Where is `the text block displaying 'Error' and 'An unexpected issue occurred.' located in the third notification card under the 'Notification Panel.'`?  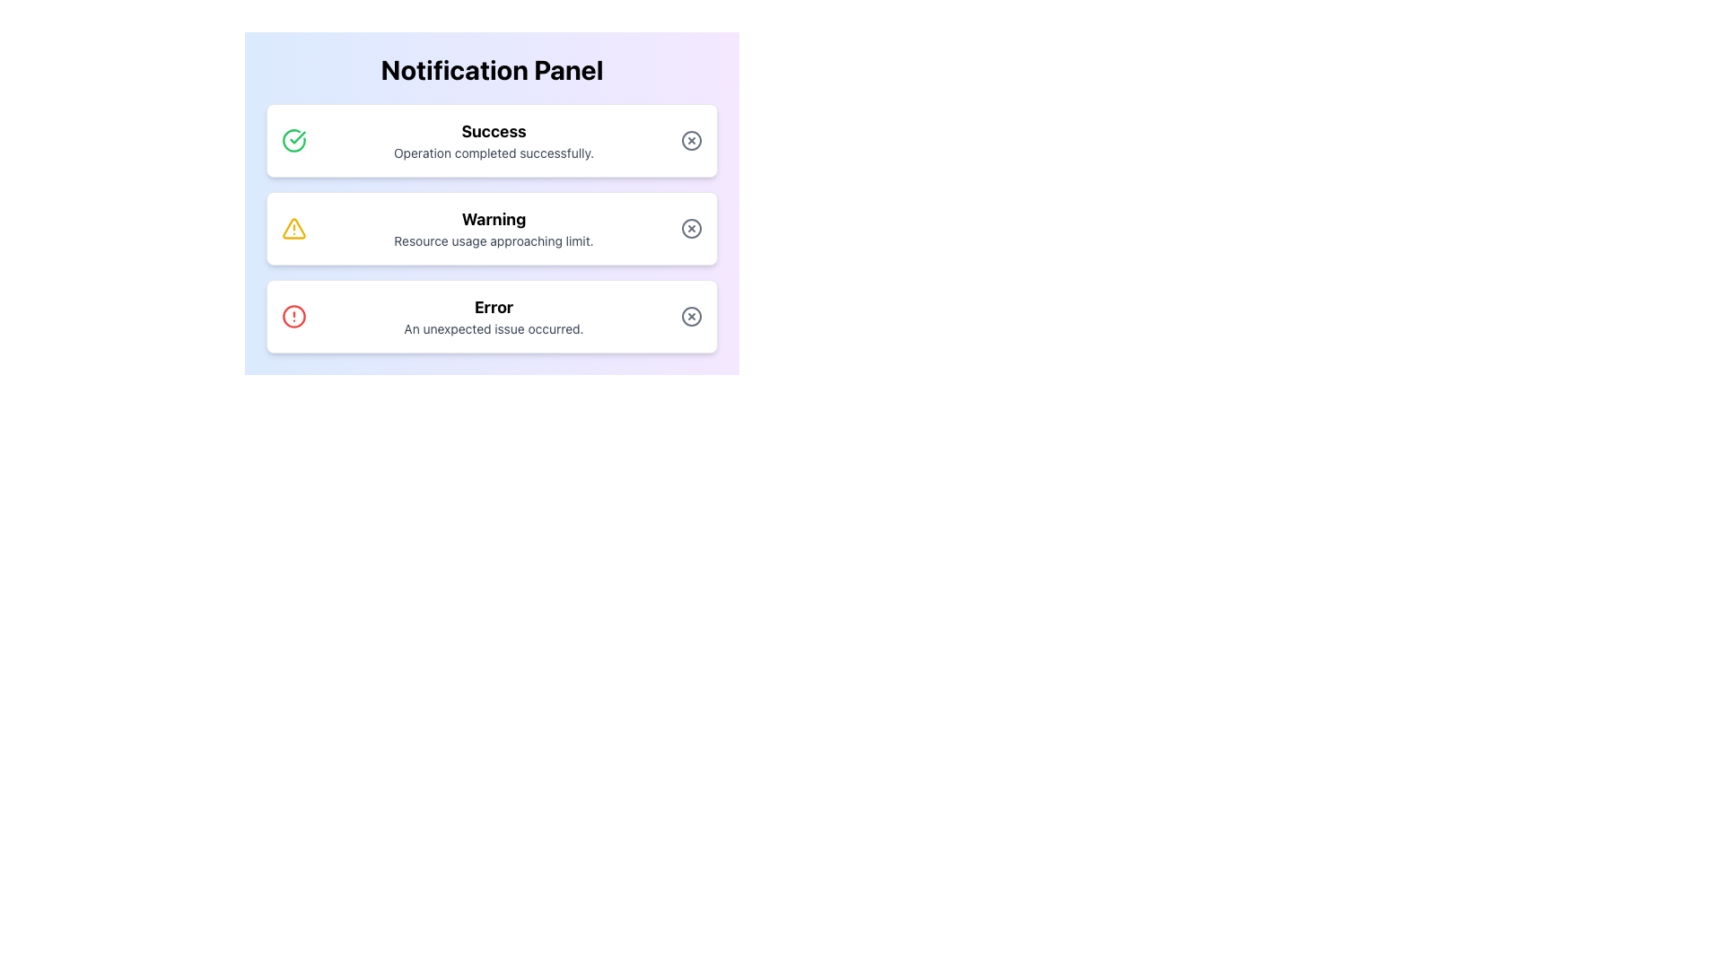
the text block displaying 'Error' and 'An unexpected issue occurred.' located in the third notification card under the 'Notification Panel.' is located at coordinates (494, 316).